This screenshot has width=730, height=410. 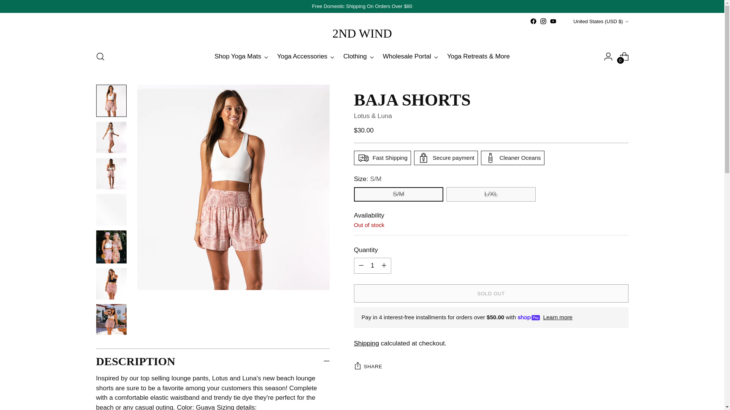 What do you see at coordinates (624, 56) in the screenshot?
I see `'0'` at bounding box center [624, 56].